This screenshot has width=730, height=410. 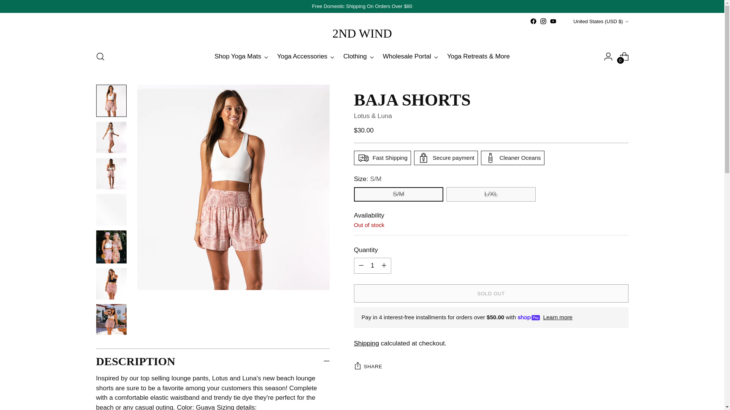 What do you see at coordinates (624, 56) in the screenshot?
I see `'0'` at bounding box center [624, 56].